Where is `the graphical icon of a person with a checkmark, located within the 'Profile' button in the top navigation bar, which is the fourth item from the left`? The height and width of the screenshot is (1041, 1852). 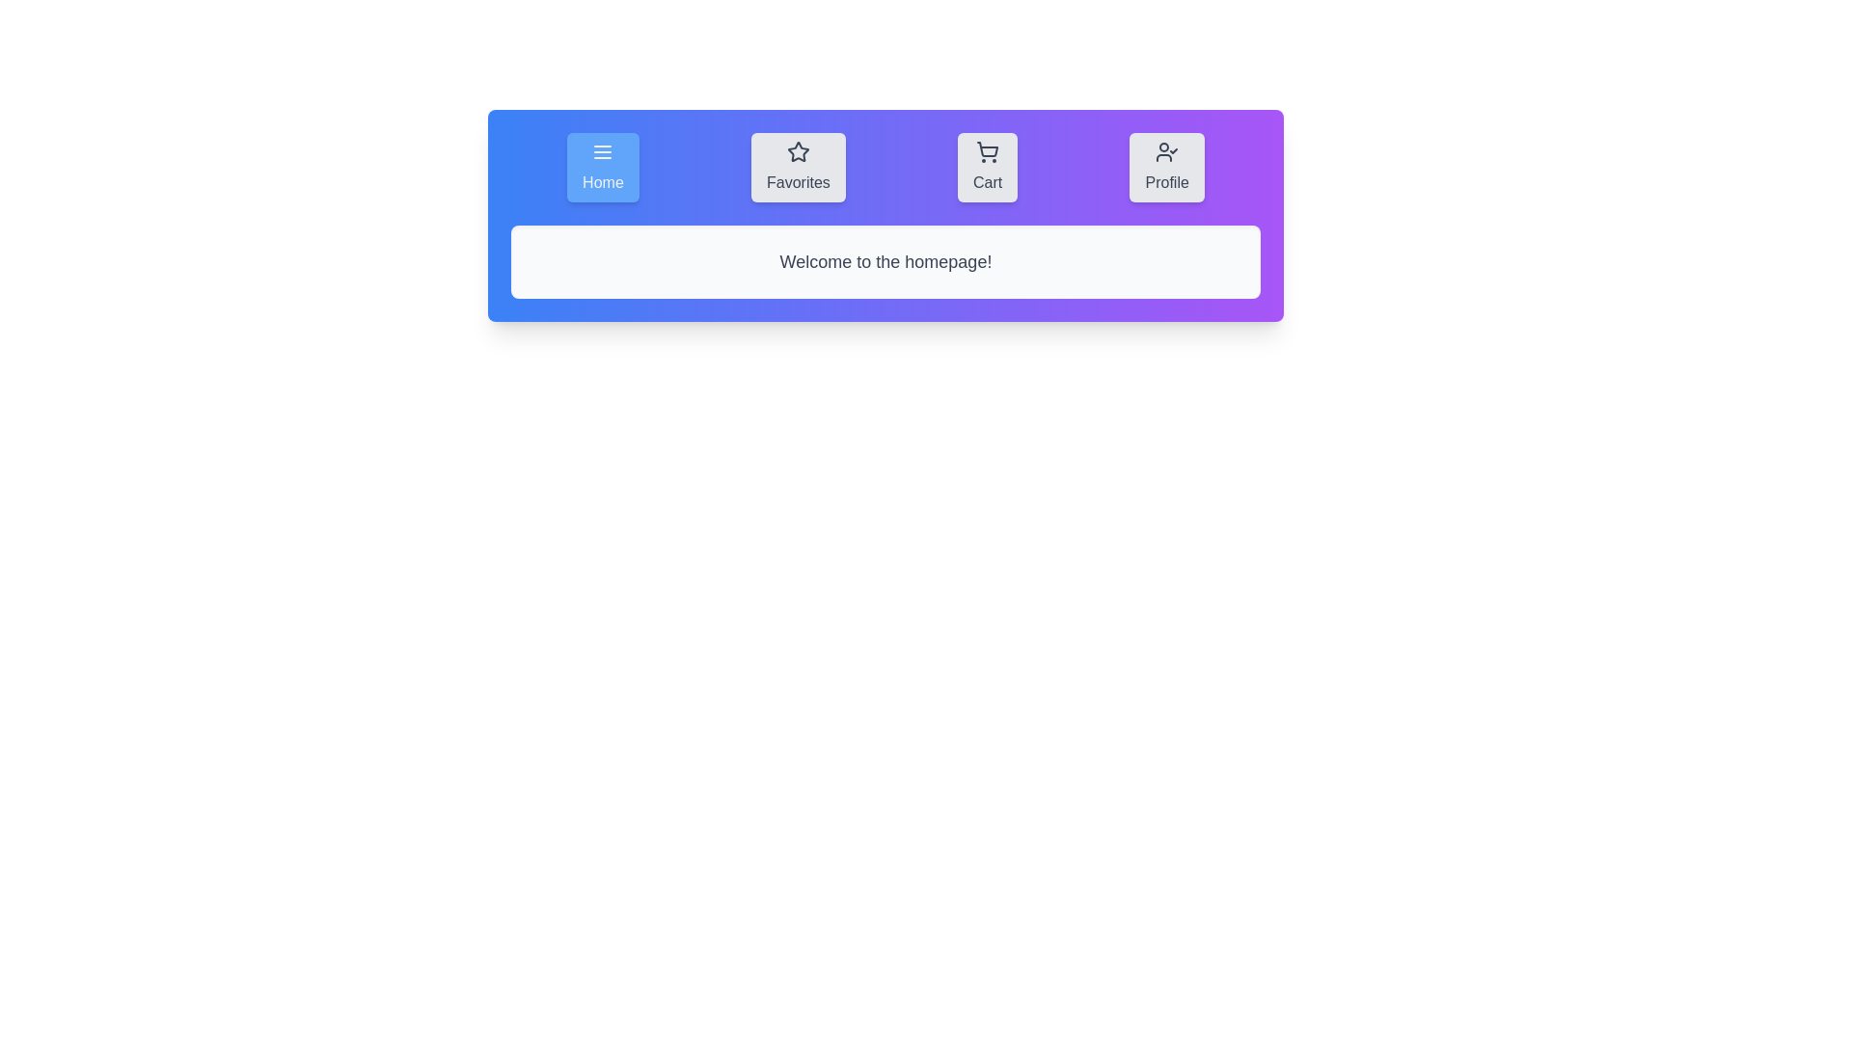
the graphical icon of a person with a checkmark, located within the 'Profile' button in the top navigation bar, which is the fourth item from the left is located at coordinates (1166, 151).